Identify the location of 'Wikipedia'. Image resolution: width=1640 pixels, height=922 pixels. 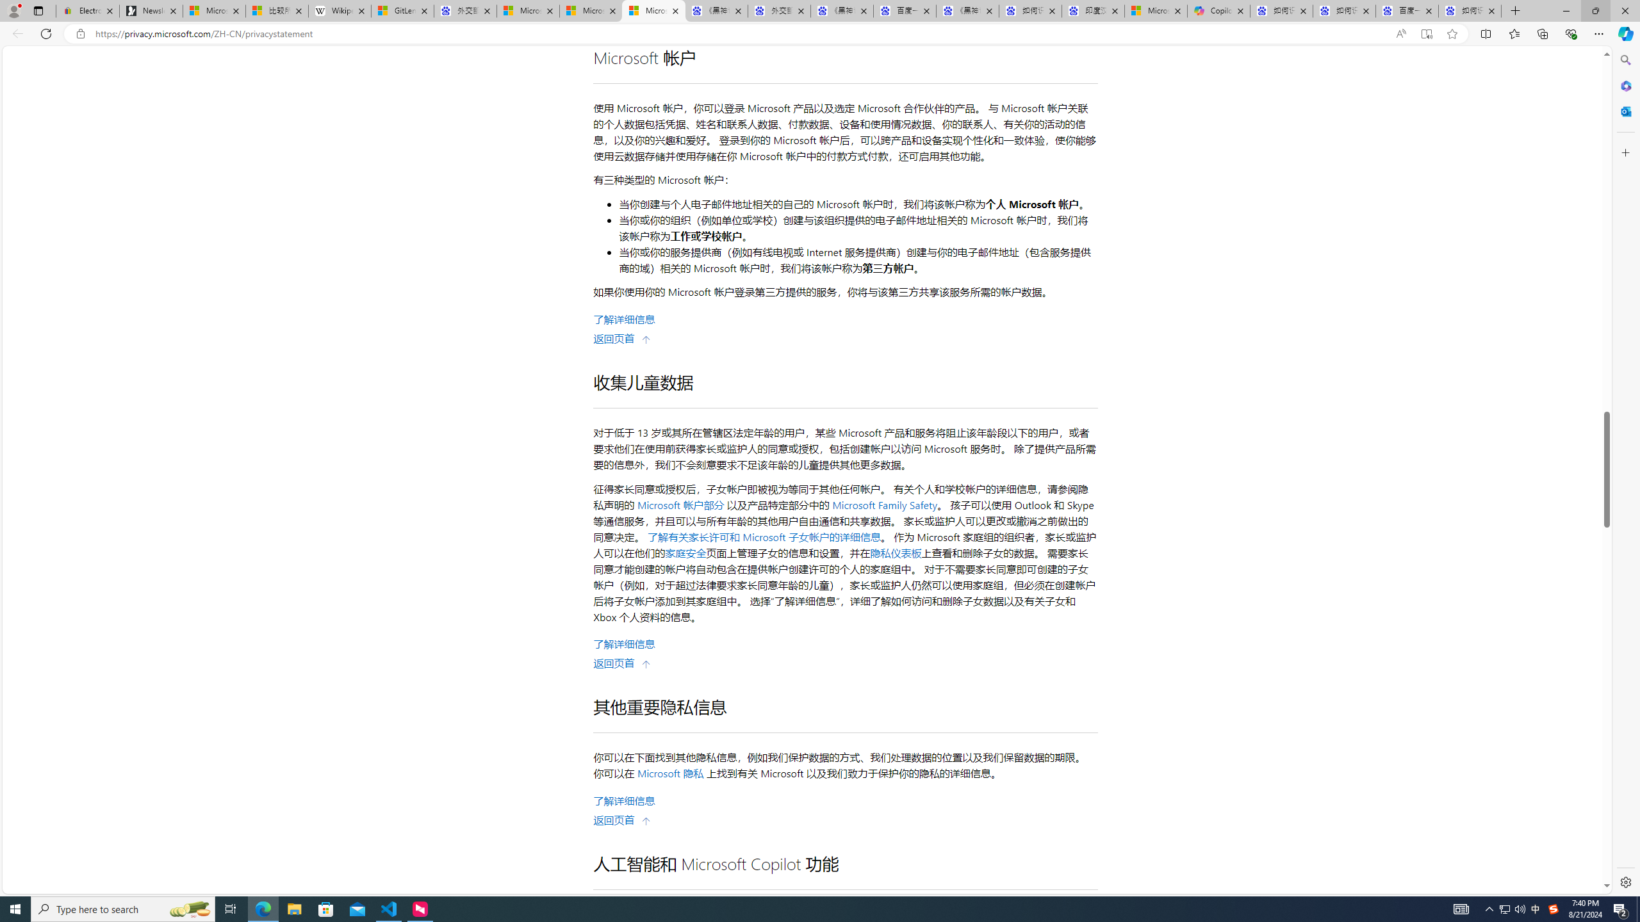
(340, 10).